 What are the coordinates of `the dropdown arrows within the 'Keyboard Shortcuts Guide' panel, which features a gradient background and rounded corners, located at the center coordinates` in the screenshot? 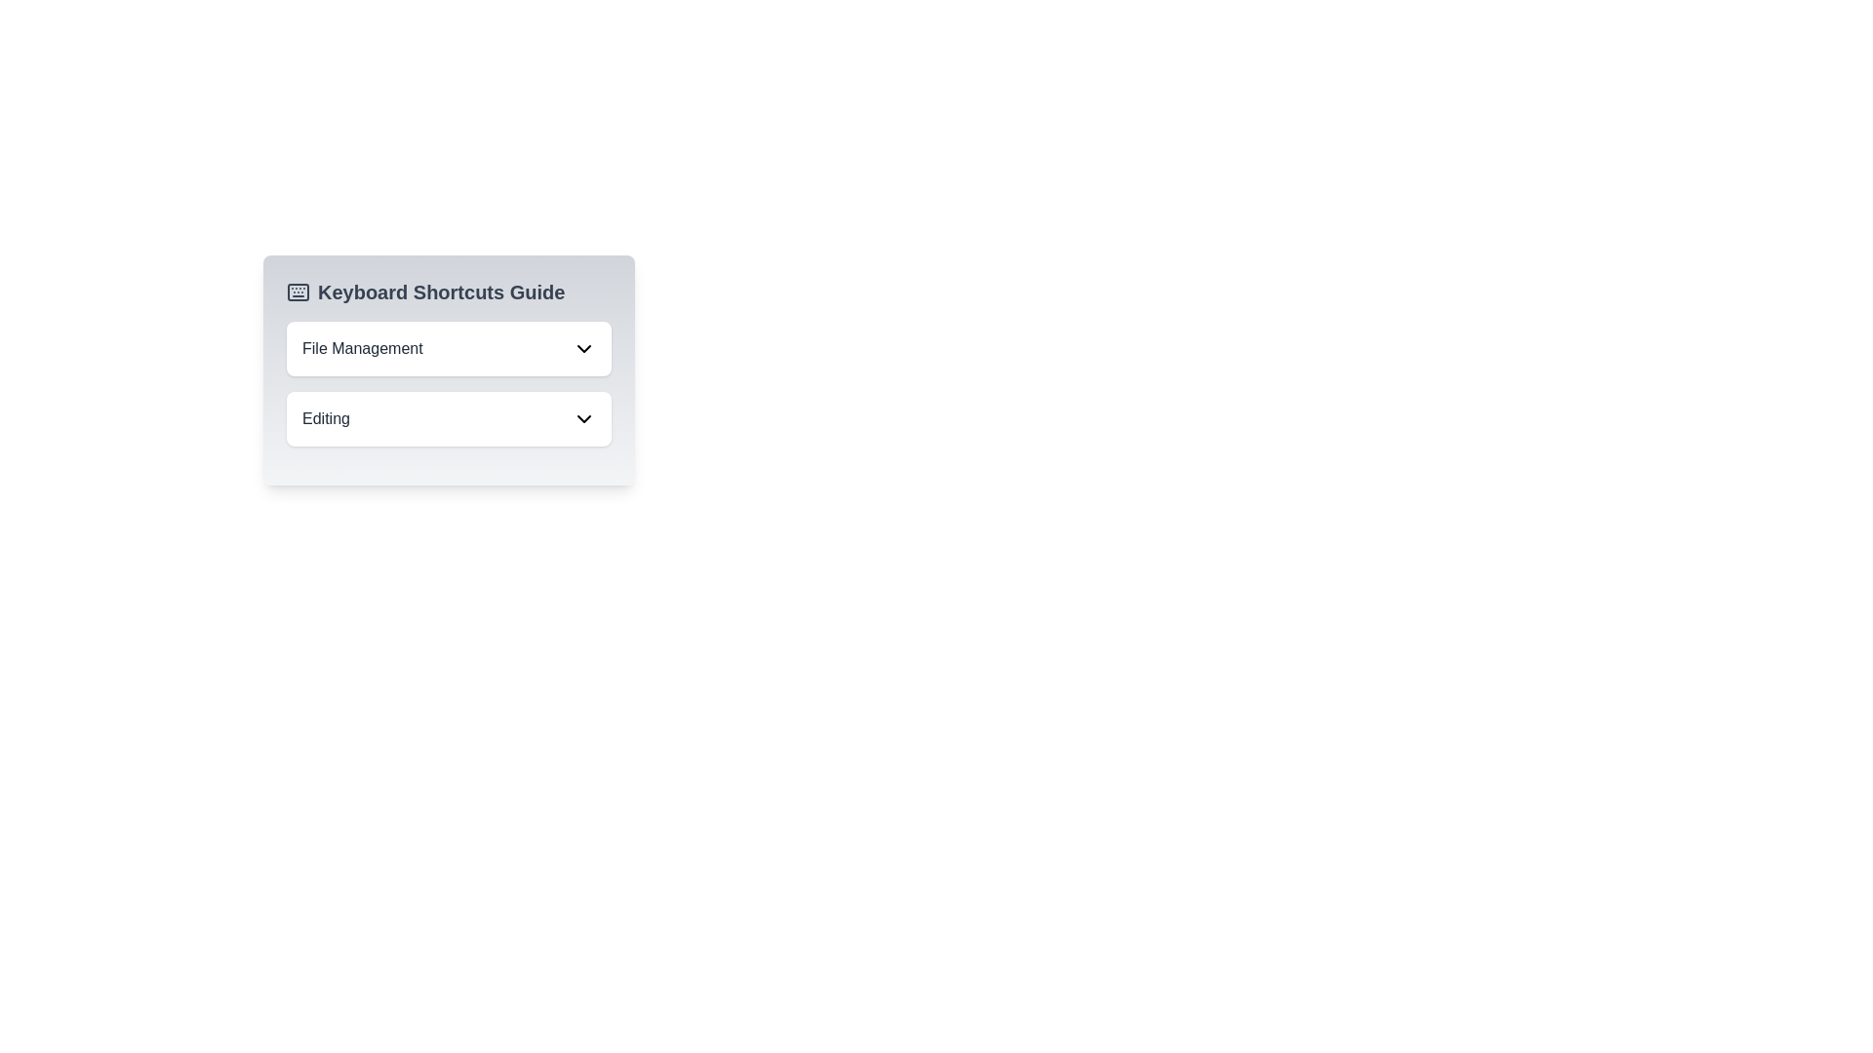 It's located at (448, 370).